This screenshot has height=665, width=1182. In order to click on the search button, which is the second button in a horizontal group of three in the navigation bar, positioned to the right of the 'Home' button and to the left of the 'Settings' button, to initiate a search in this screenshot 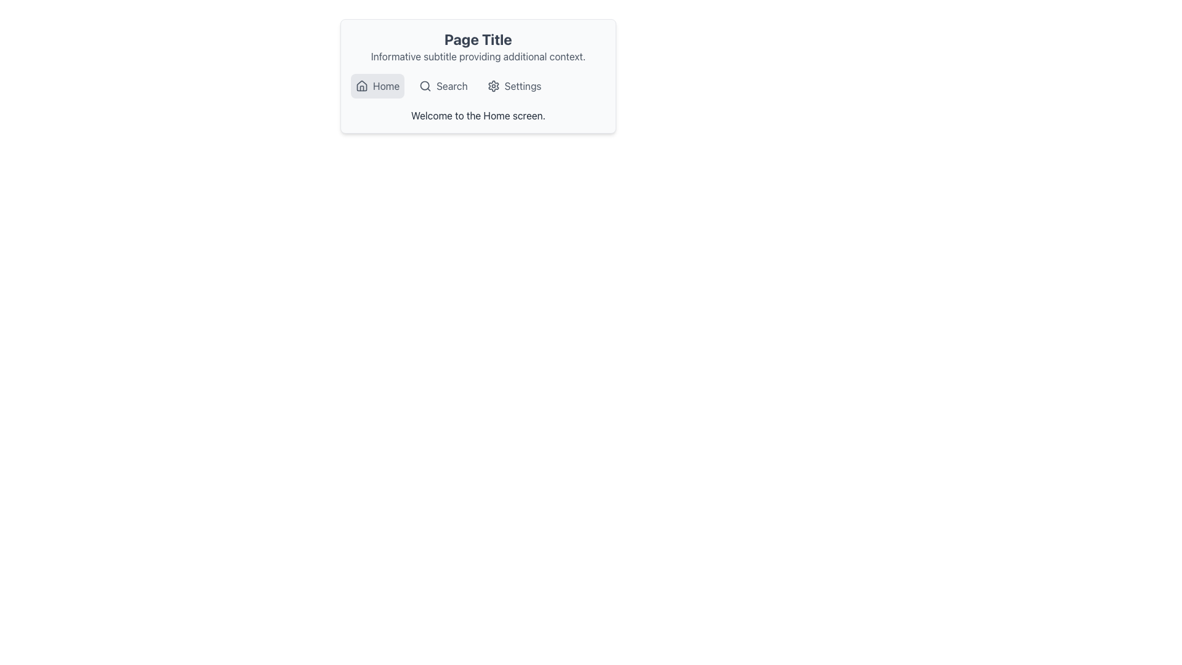, I will do `click(443, 85)`.